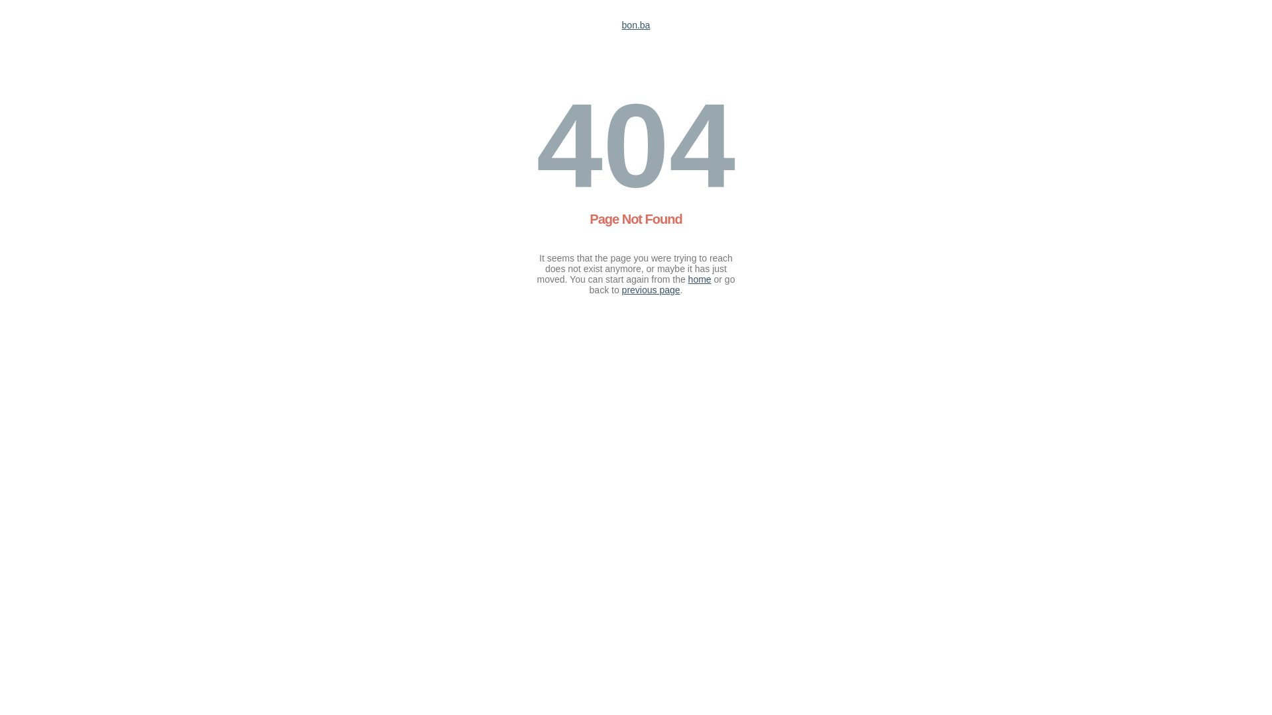  Describe the element at coordinates (651, 289) in the screenshot. I see `'previous page'` at that location.